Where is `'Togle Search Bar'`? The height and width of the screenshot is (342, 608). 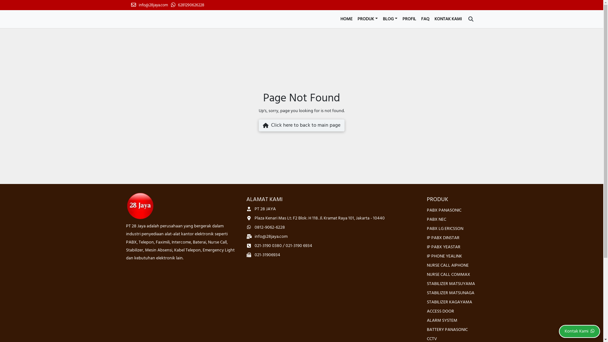 'Togle Search Bar' is located at coordinates (471, 19).